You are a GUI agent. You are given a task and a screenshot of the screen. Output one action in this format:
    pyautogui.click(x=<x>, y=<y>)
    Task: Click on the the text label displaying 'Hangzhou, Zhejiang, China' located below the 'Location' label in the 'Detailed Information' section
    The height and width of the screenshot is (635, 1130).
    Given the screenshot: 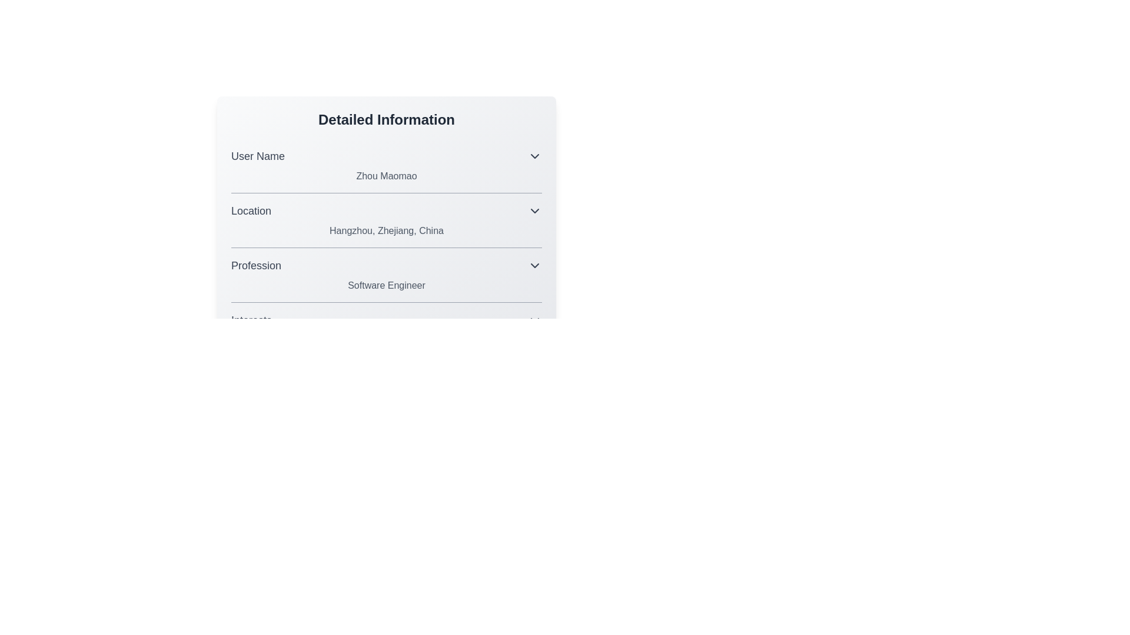 What is the action you would take?
    pyautogui.click(x=387, y=231)
    